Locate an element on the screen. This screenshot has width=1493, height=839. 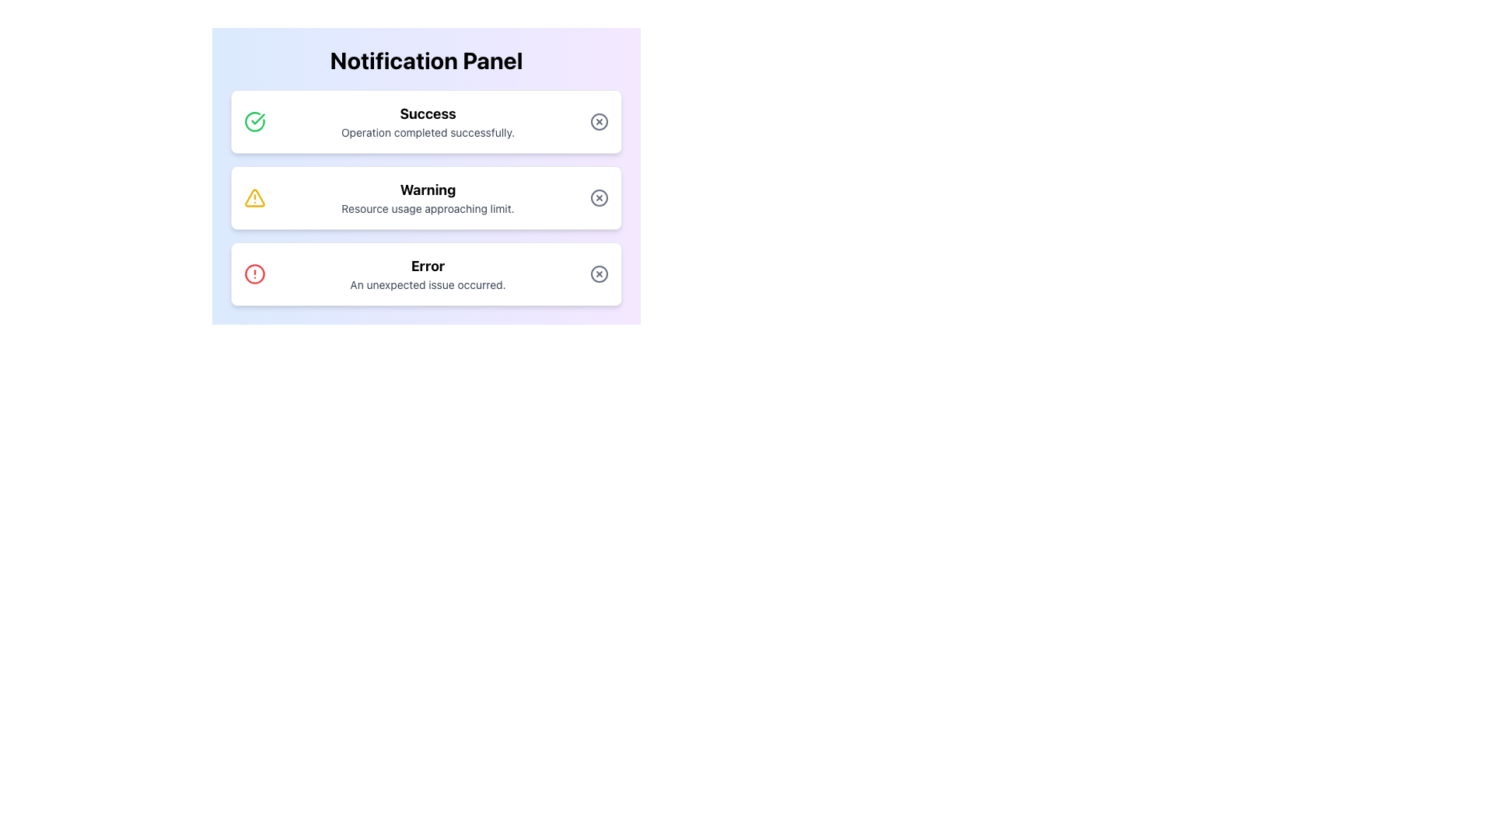
the bold, large-sized text displaying 'Success' within the first notification card, which is centrally aligned and indicates the completion of an operation is located at coordinates (428, 113).